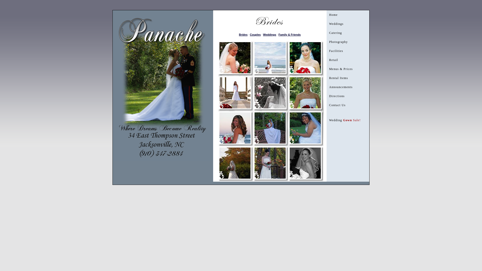  I want to click on 'Retail', so click(348, 60).